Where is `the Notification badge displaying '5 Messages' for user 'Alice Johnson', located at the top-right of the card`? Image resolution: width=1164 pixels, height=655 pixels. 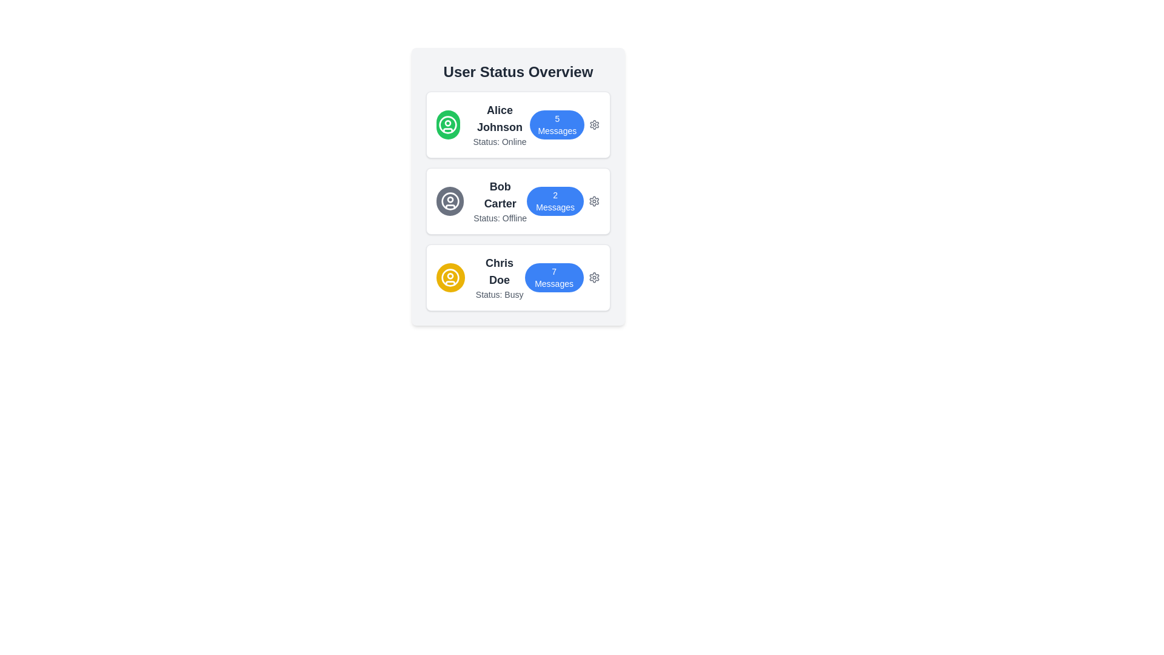
the Notification badge displaying '5 Messages' for user 'Alice Johnson', located at the top-right of the card is located at coordinates (557, 124).